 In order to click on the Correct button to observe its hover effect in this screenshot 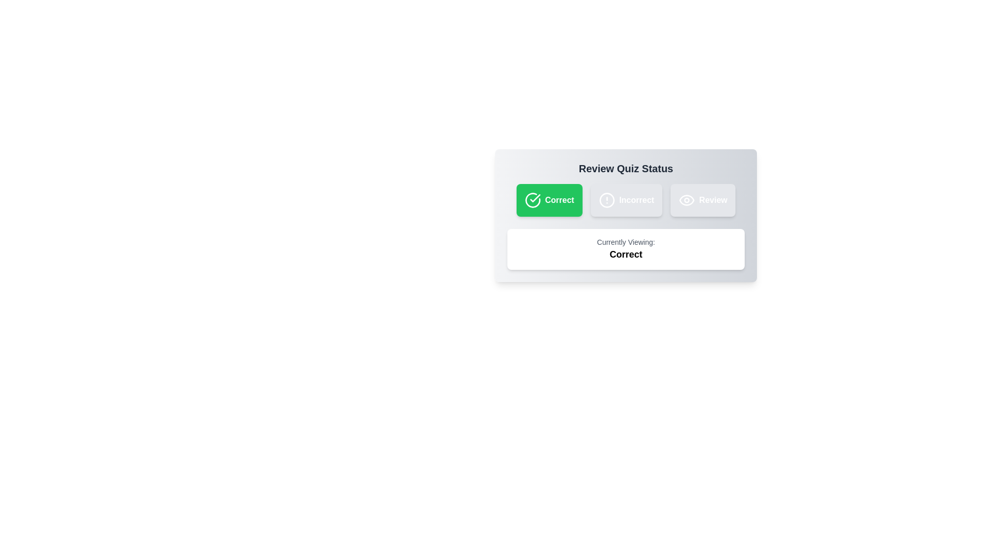, I will do `click(549, 200)`.